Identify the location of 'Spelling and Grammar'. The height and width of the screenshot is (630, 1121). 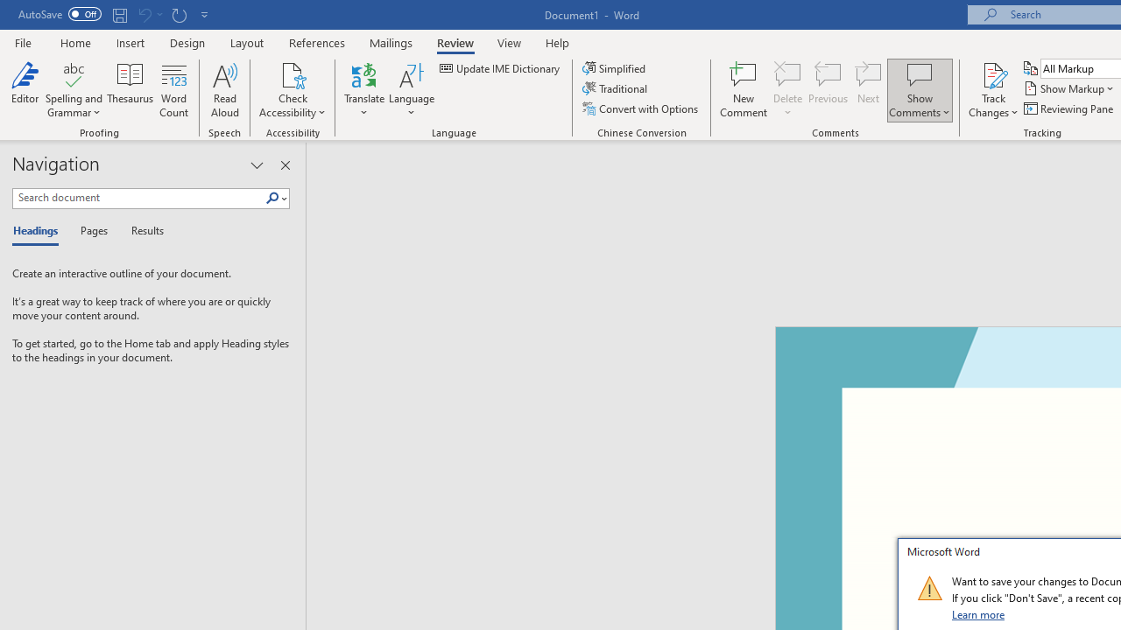
(74, 90).